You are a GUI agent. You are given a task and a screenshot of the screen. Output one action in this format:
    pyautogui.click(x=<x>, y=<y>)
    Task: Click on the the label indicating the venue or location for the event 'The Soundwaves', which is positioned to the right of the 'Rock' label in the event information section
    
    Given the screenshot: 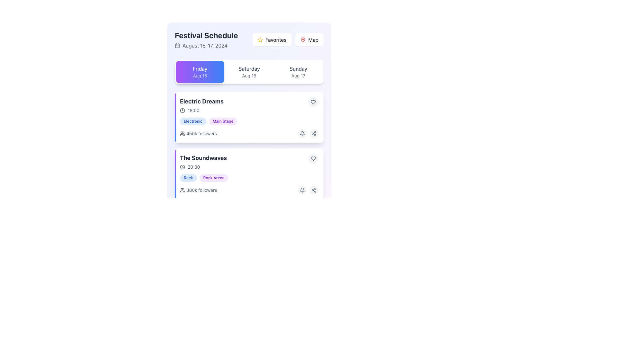 What is the action you would take?
    pyautogui.click(x=214, y=178)
    